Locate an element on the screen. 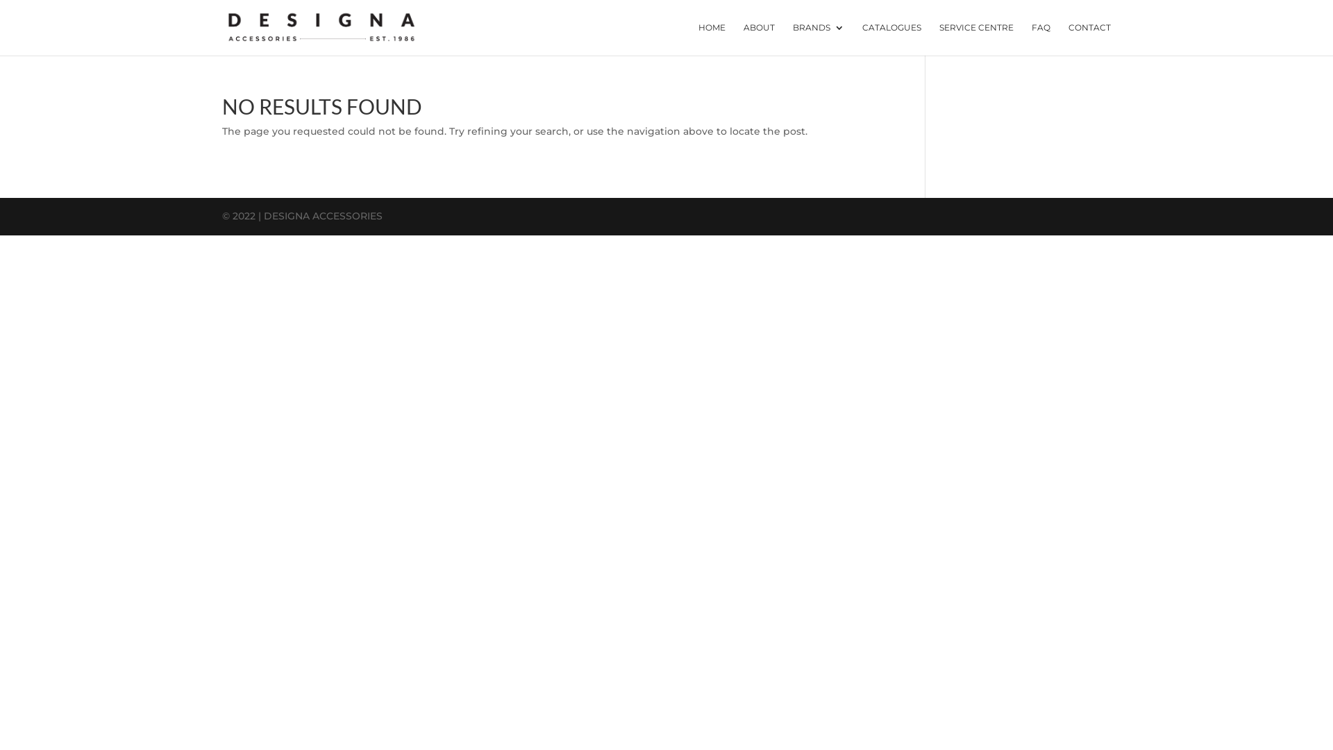 The height and width of the screenshot is (750, 1333). 'FAQ' is located at coordinates (1041, 38).